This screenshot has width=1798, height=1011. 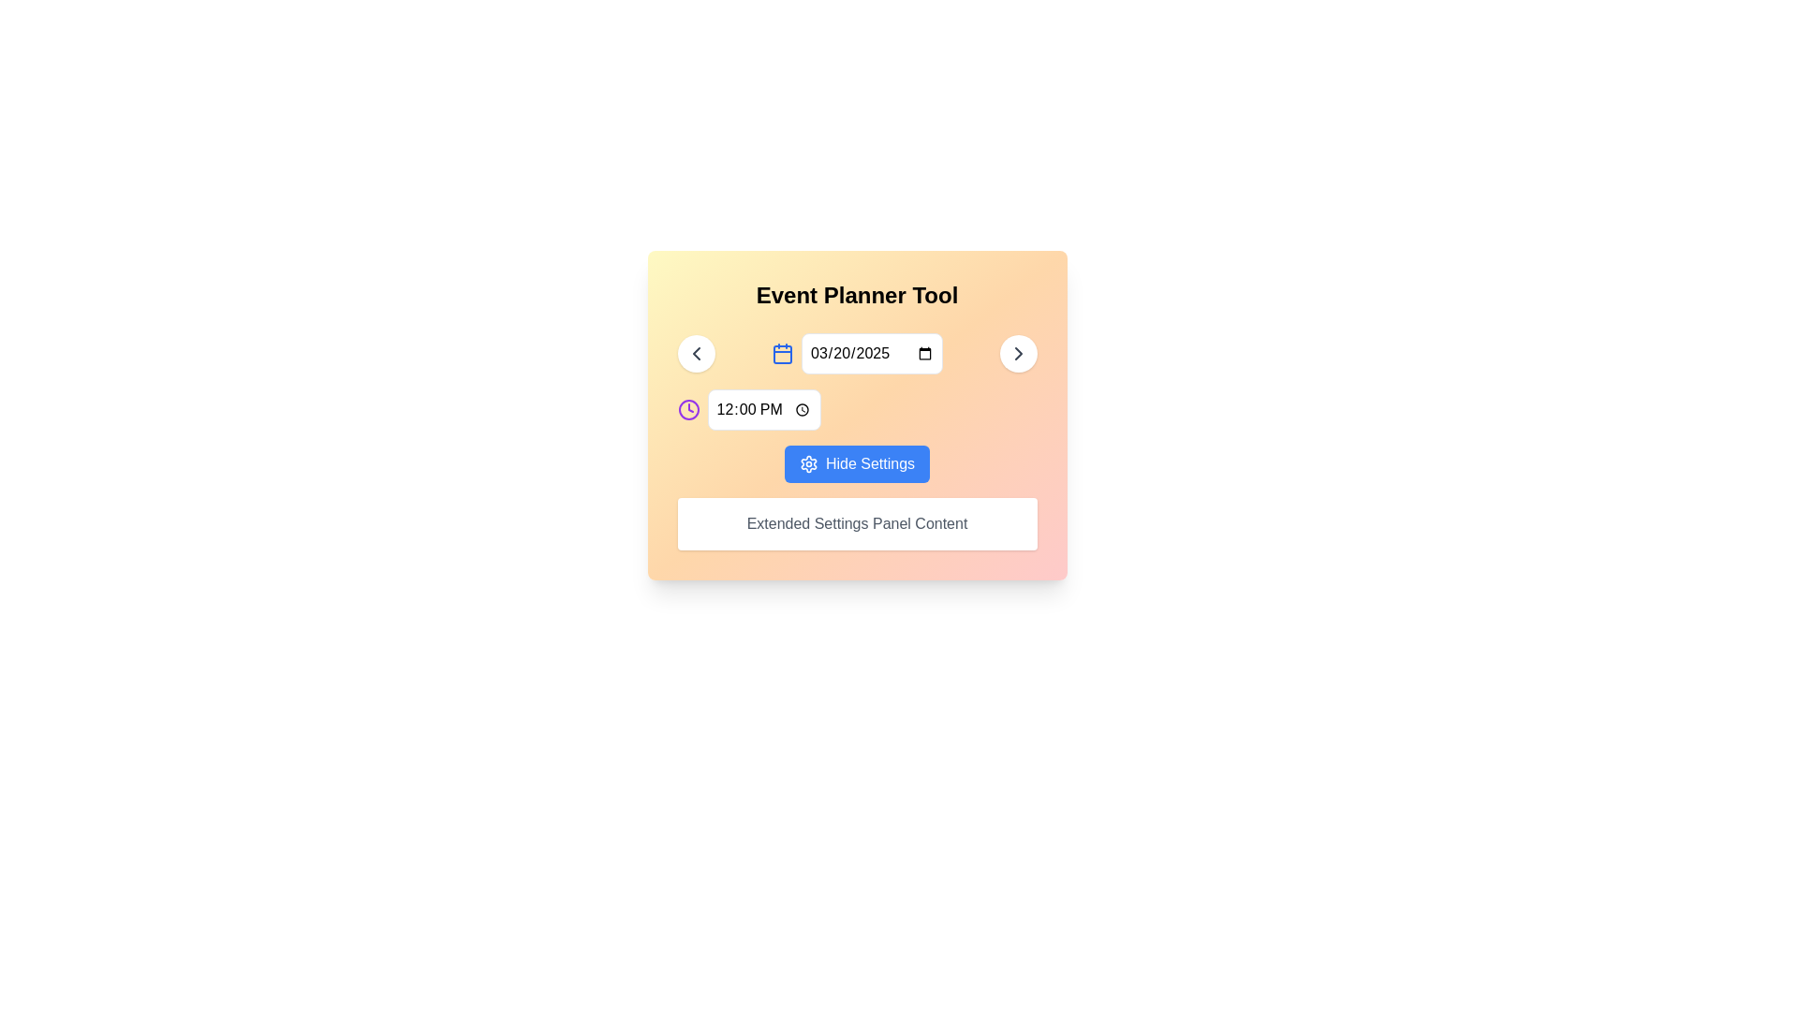 What do you see at coordinates (856, 463) in the screenshot?
I see `the 'Hide Settings' button, which has a blue background, rounded corners, and white text with a settings gear icon, to check if a context menu appears` at bounding box center [856, 463].